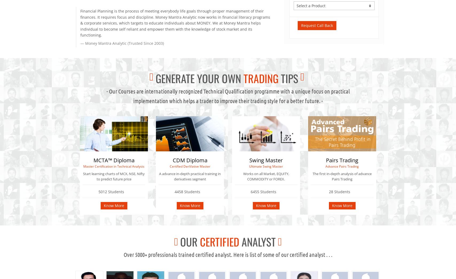 This screenshot has width=456, height=279. What do you see at coordinates (266, 176) in the screenshot?
I see `'Works on all Market, EQUITY, COMMODITY or FOREX.'` at bounding box center [266, 176].